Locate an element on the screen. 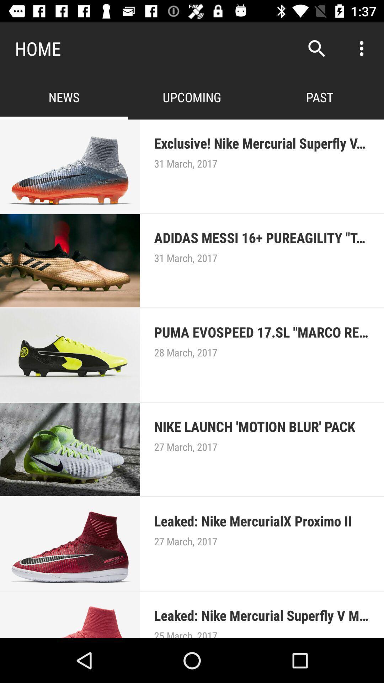 This screenshot has height=683, width=384. icon above exclusive nike mercurial icon is located at coordinates (362, 48).